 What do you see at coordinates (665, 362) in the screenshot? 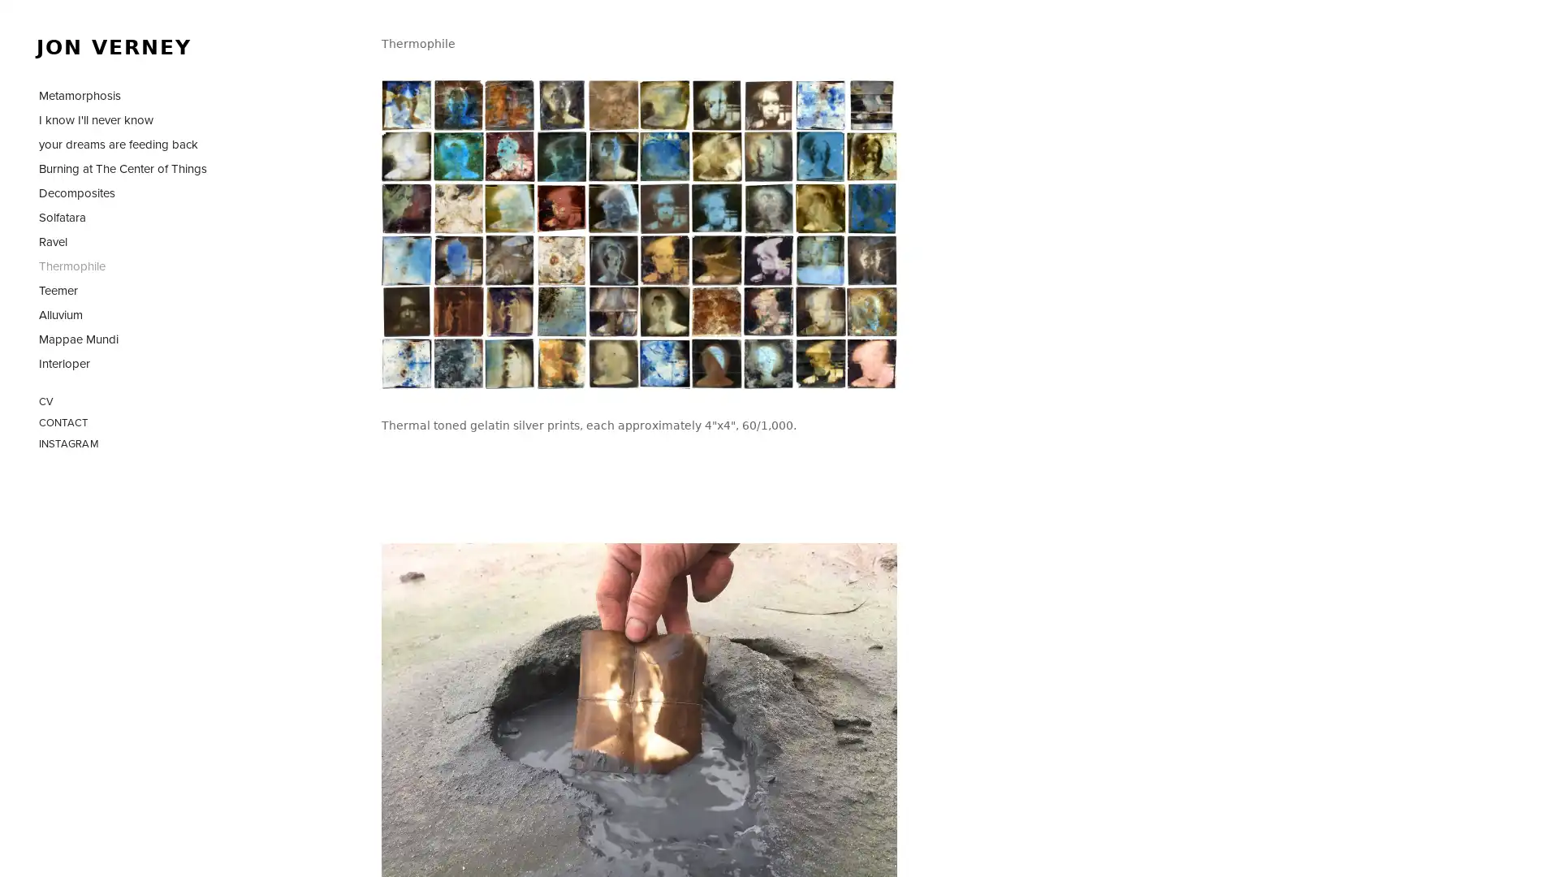
I see `View fullsize jon_verney_thermophile_60.jpg` at bounding box center [665, 362].